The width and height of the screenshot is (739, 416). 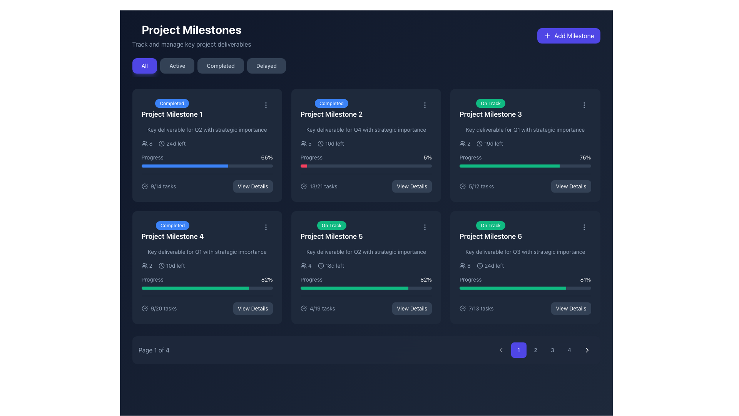 I want to click on the 'On Track' badge with a green background and white bold text located in the 'Project Milestone 6' card, so click(x=490, y=225).